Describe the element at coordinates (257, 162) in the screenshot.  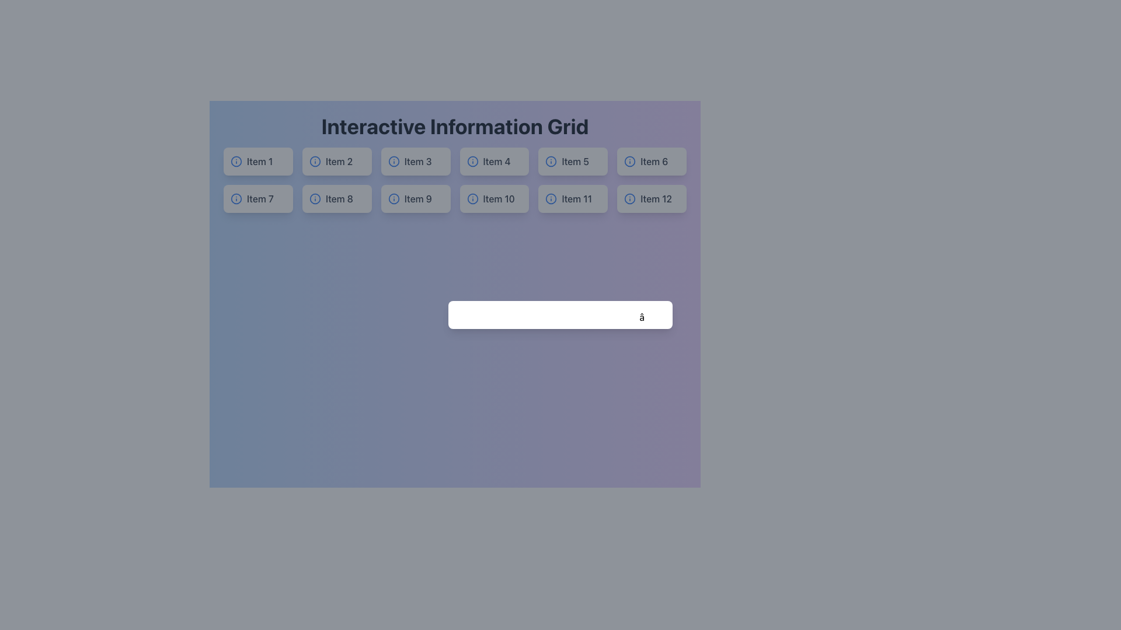
I see `the blue circular icon containing the information symbol adjacent to the text 'Item 1'` at that location.